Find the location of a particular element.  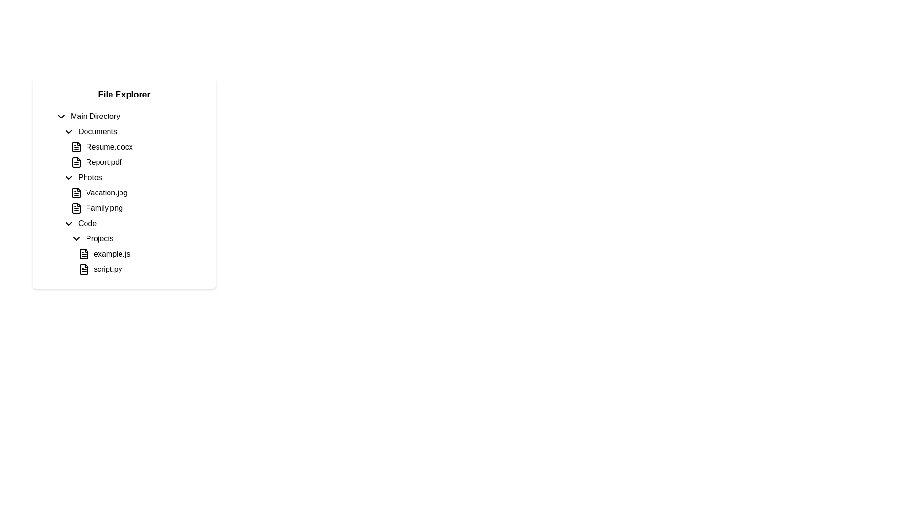

the 'Projects' text label to expand or collapse its subdirectories, which is located below 'Code' and above 'example.js' and 'script.py' is located at coordinates (99, 238).